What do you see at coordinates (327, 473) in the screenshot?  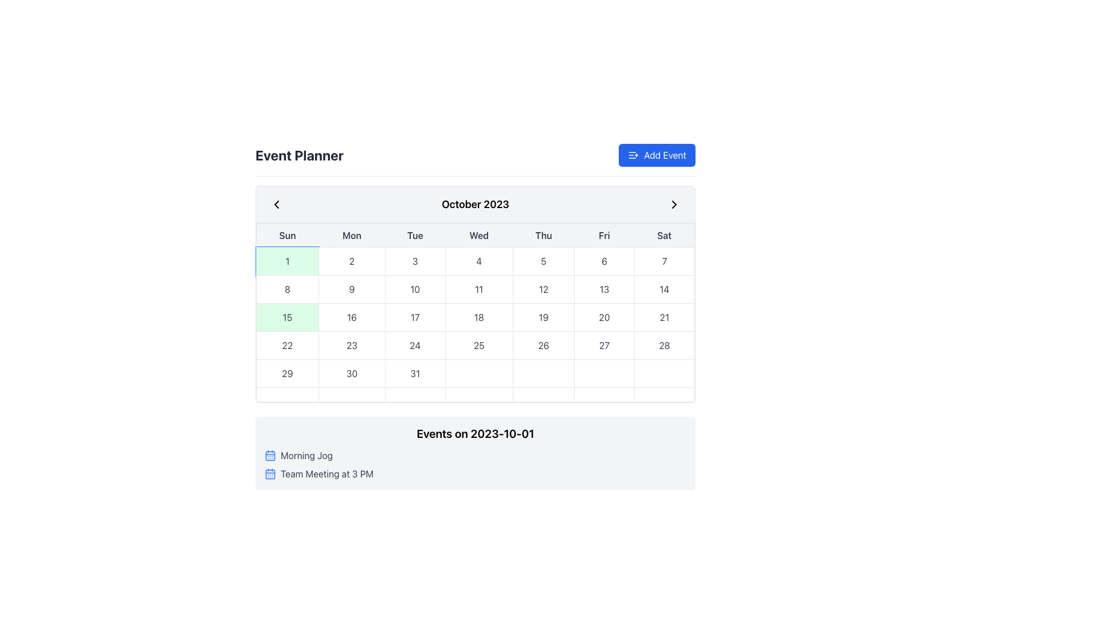 I see `the label that conveys information about the scheduled team meeting happening at 3 PM, located beneath the 'Morning Jog' event in the list of scheduled events for October 1, 2023` at bounding box center [327, 473].